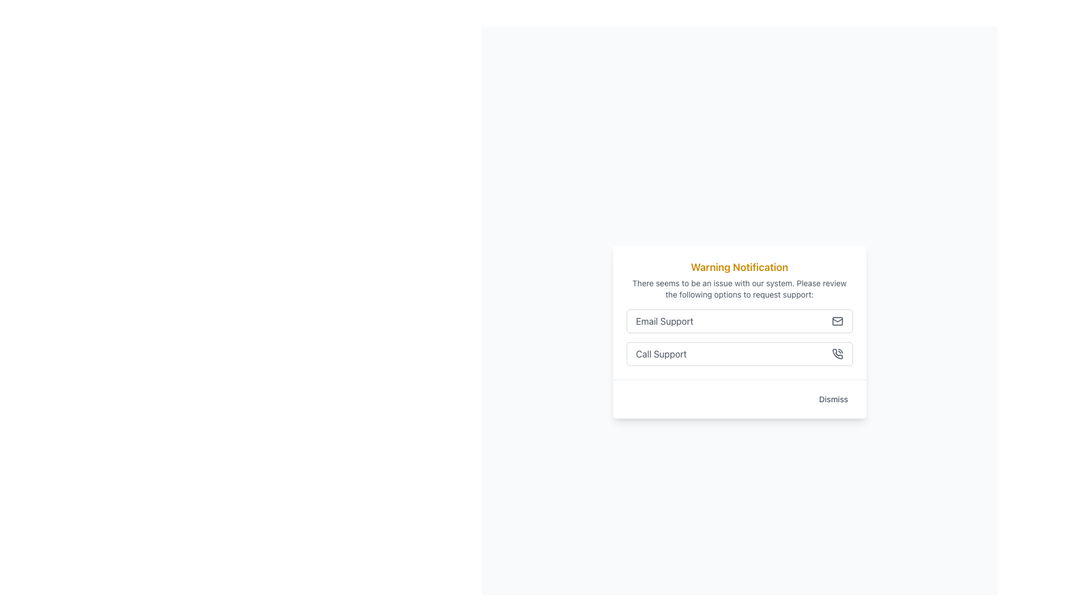 The image size is (1086, 611). What do you see at coordinates (739, 353) in the screenshot?
I see `the 'Call Support' button, which is a rectangular button with rounded edges located below the 'Email Support' button` at bounding box center [739, 353].